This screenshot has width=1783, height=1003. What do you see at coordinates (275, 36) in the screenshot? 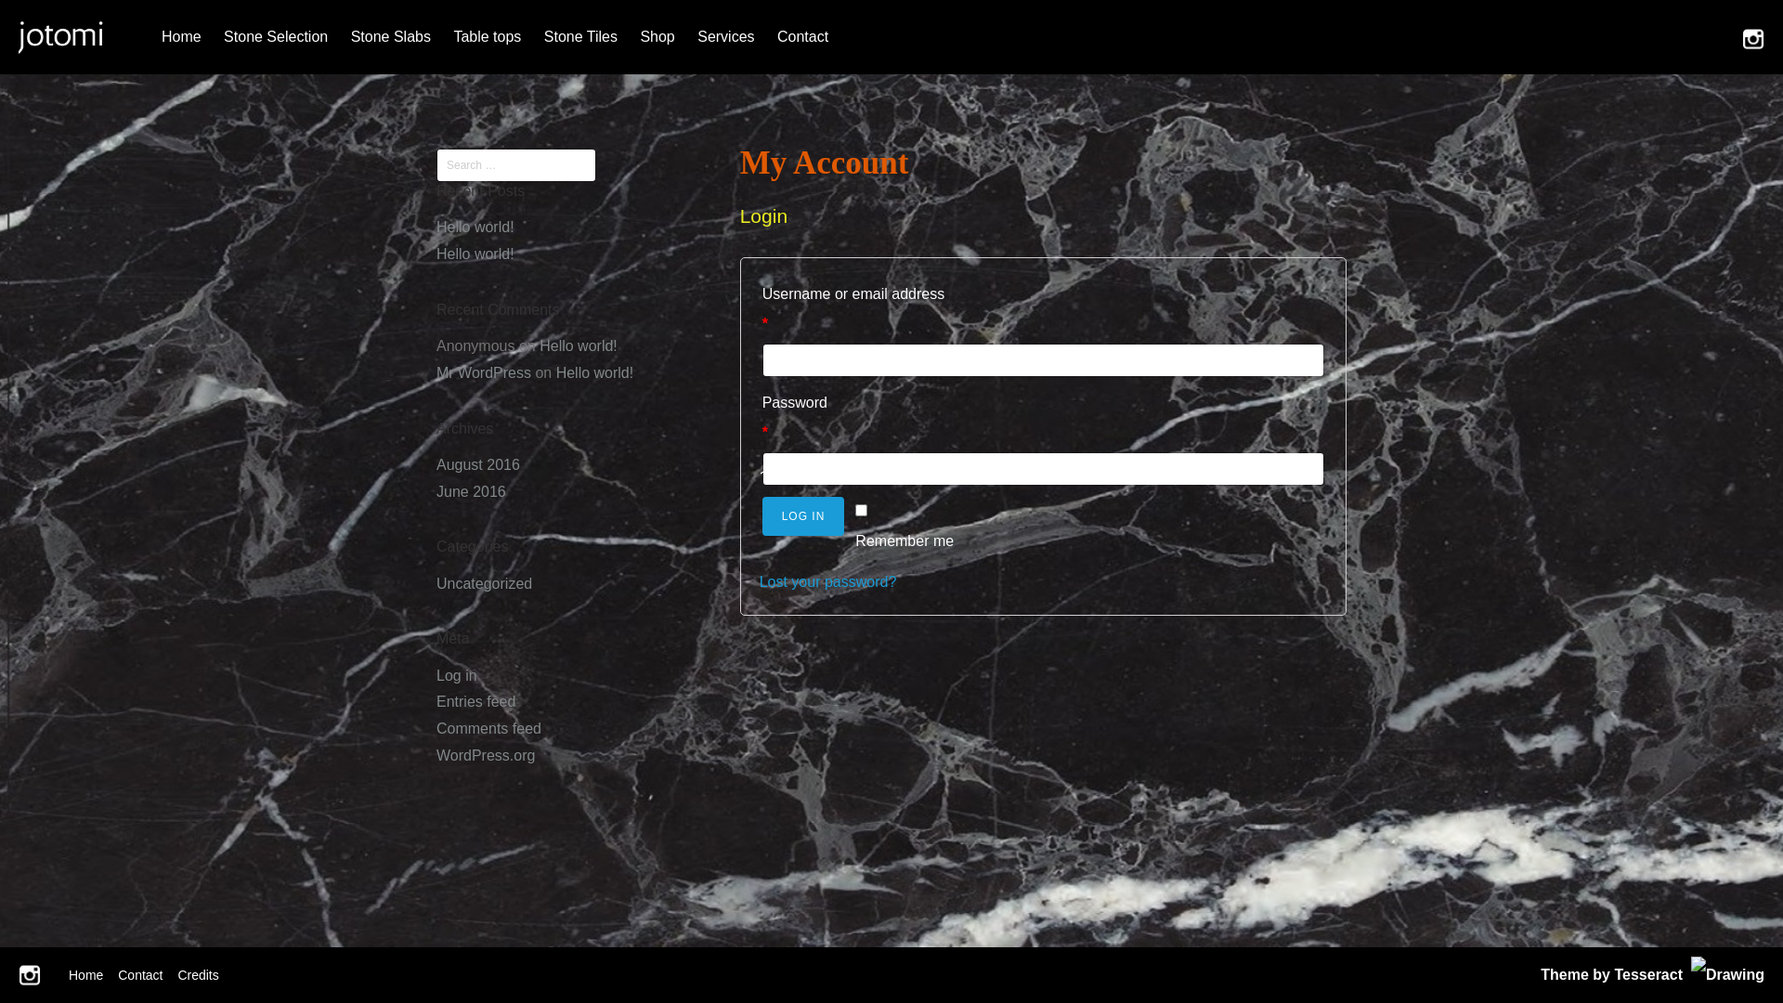
I see `'Stone Selection'` at bounding box center [275, 36].